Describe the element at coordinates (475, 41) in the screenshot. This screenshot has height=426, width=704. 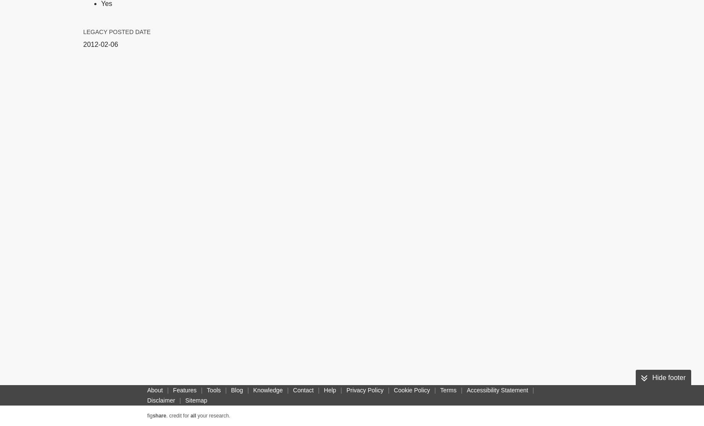
I see `'DC'` at that location.